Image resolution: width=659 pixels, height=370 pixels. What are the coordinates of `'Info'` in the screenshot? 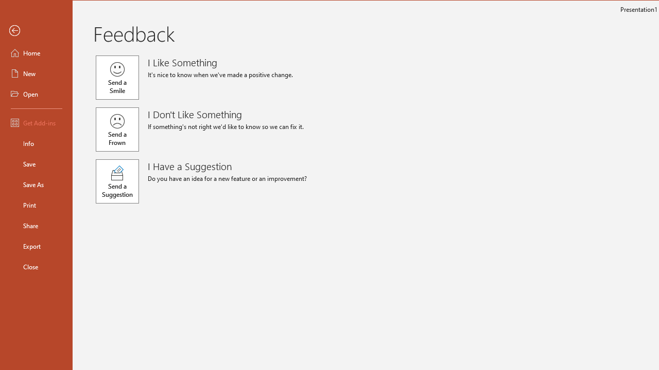 It's located at (37, 143).